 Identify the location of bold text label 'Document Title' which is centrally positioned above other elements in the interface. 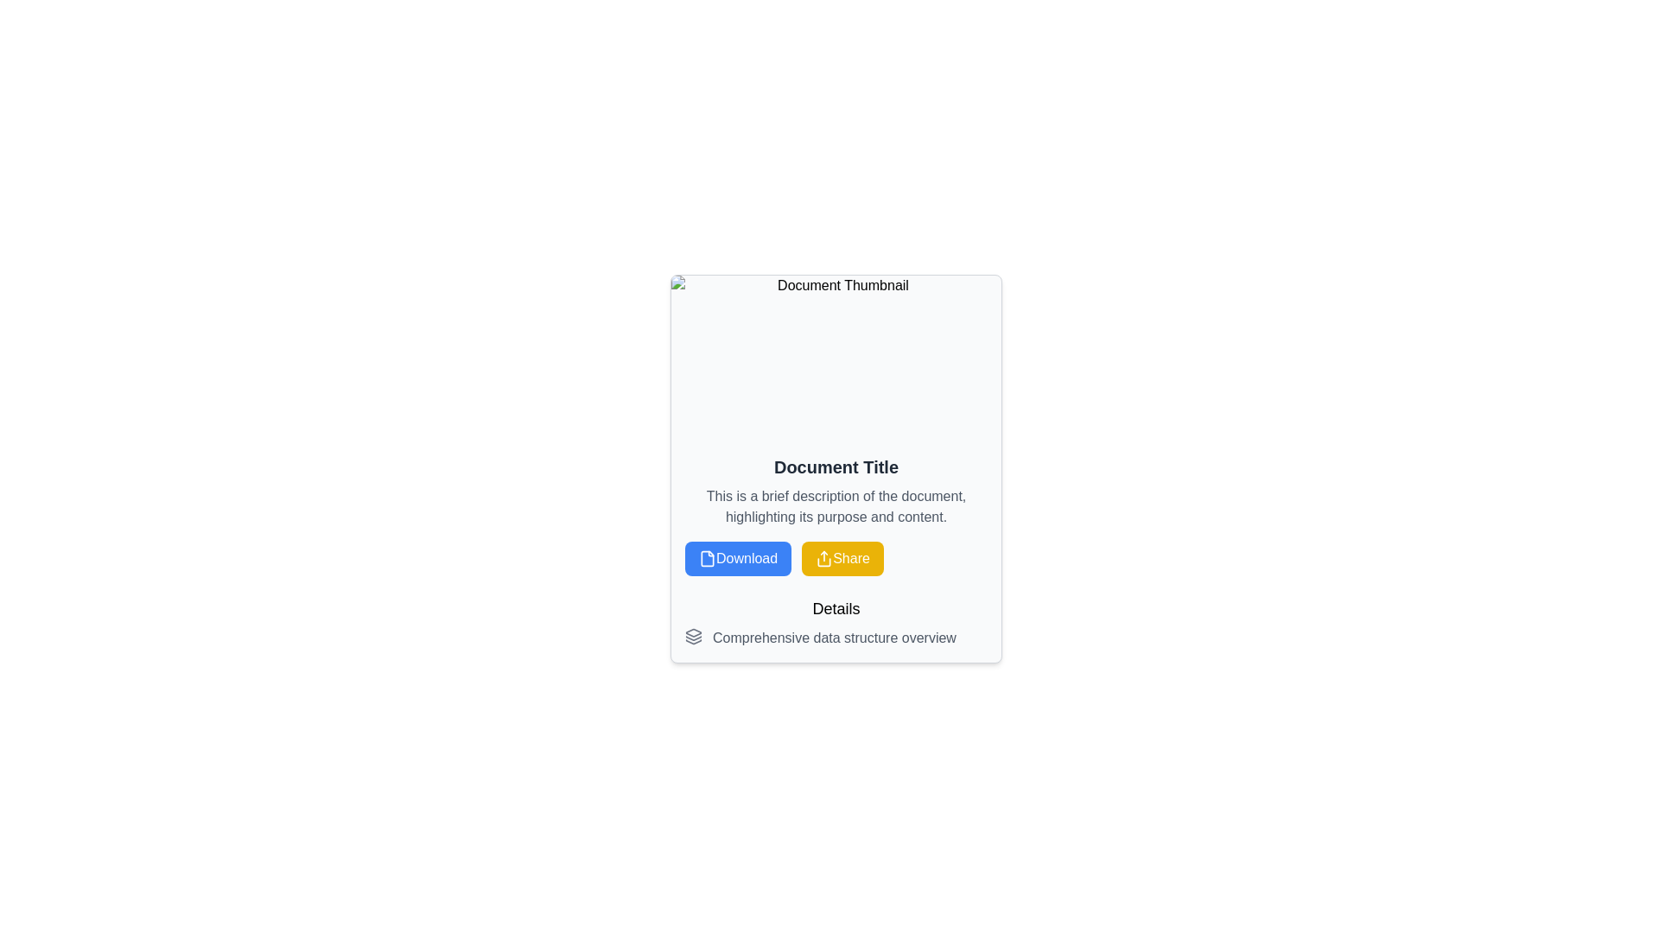
(836, 466).